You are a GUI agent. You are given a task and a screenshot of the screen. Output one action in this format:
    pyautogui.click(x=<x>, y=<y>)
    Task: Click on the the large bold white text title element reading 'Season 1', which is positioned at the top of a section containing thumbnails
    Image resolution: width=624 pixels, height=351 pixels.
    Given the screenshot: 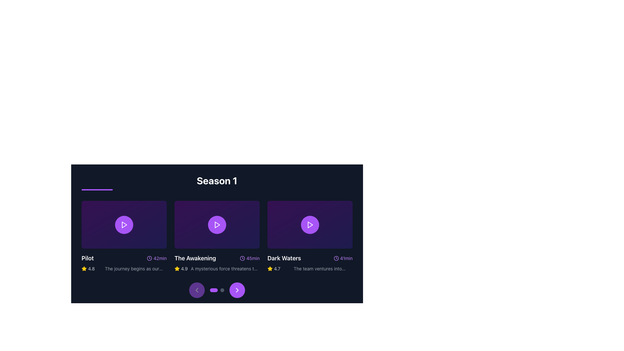 What is the action you would take?
    pyautogui.click(x=217, y=180)
    